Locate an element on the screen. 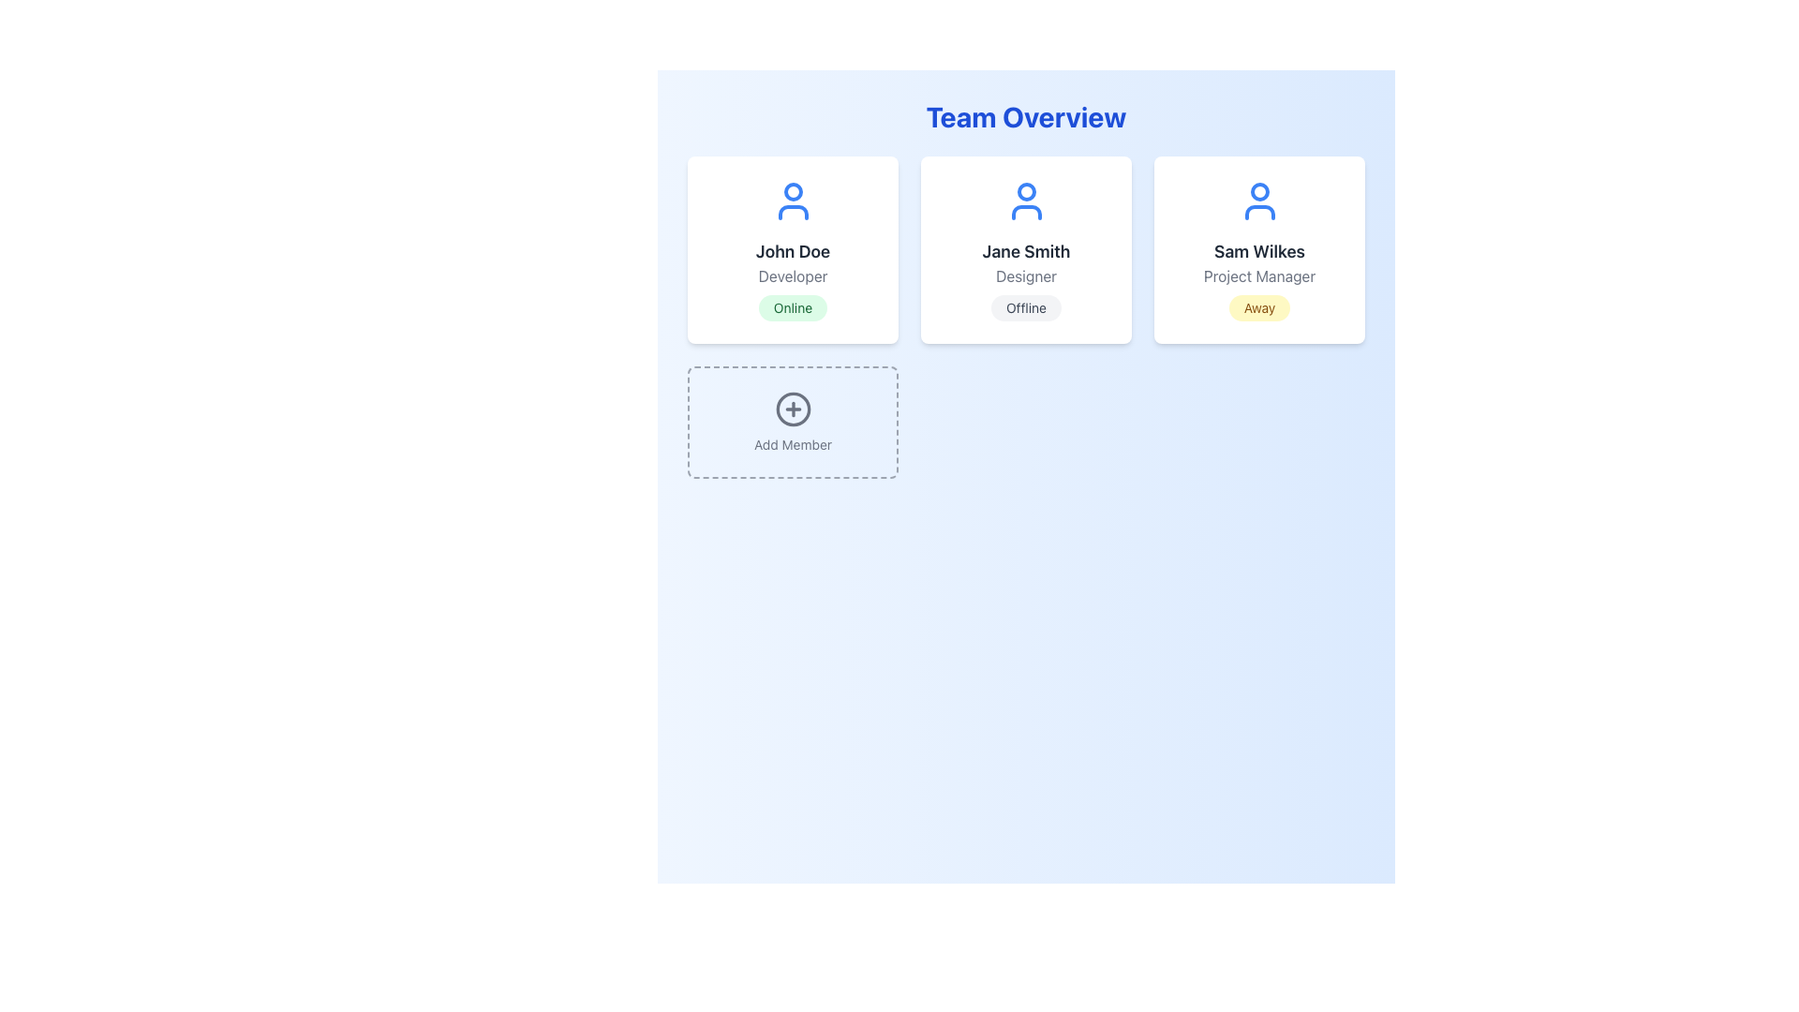 The width and height of the screenshot is (1799, 1012). the user profile vector icon located at the center of the card in the 'Team Overview' section, which visually represents user information is located at coordinates (793, 201).